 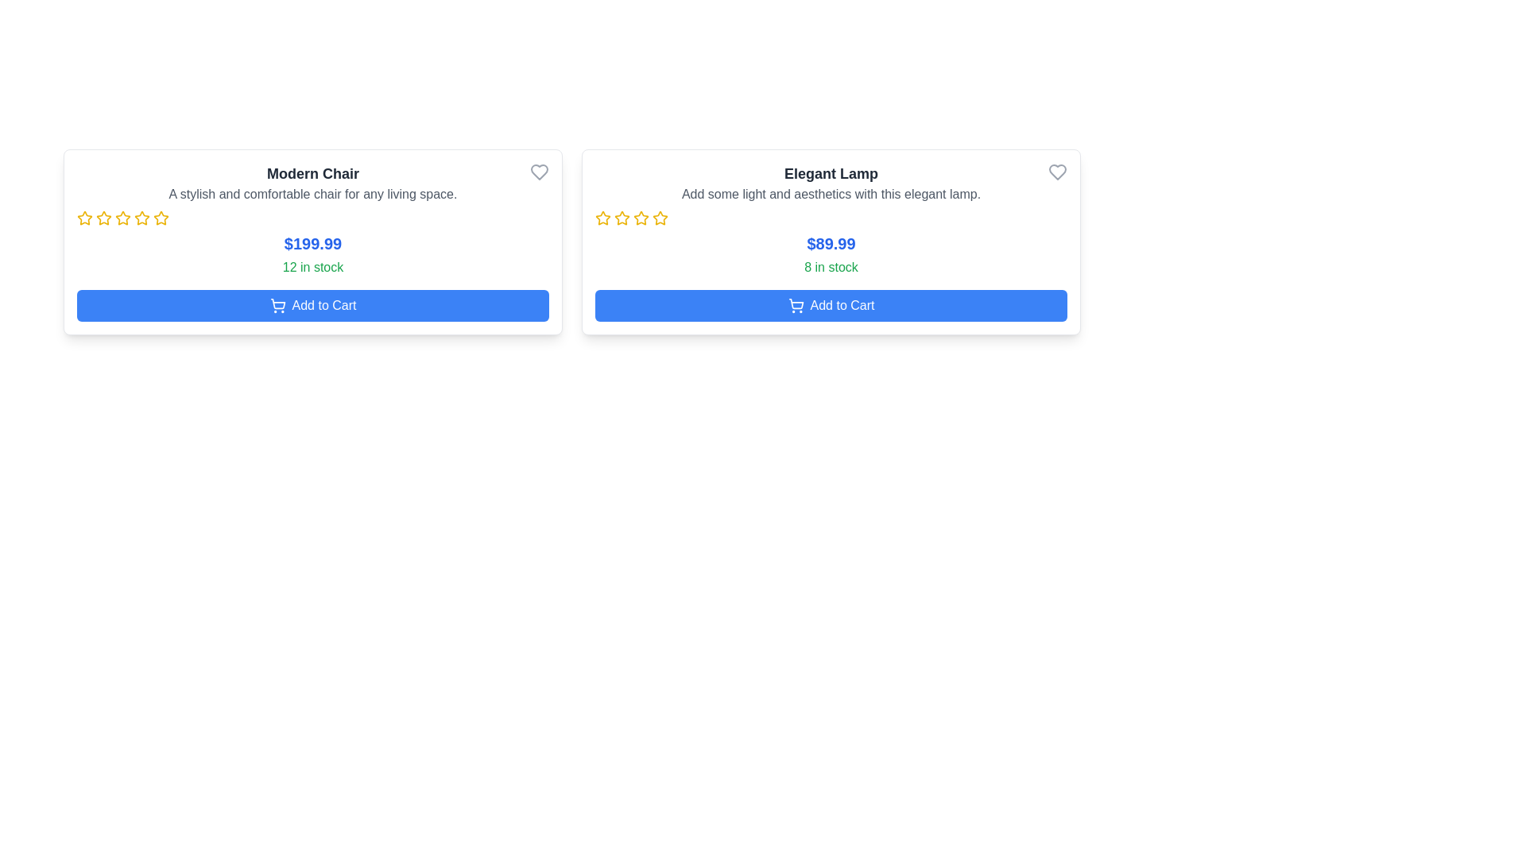 I want to click on the price display of the 'Elegant Lamp' card, which is styled in a large, bold, blue font and positioned below the description text and star icons, so click(x=831, y=244).